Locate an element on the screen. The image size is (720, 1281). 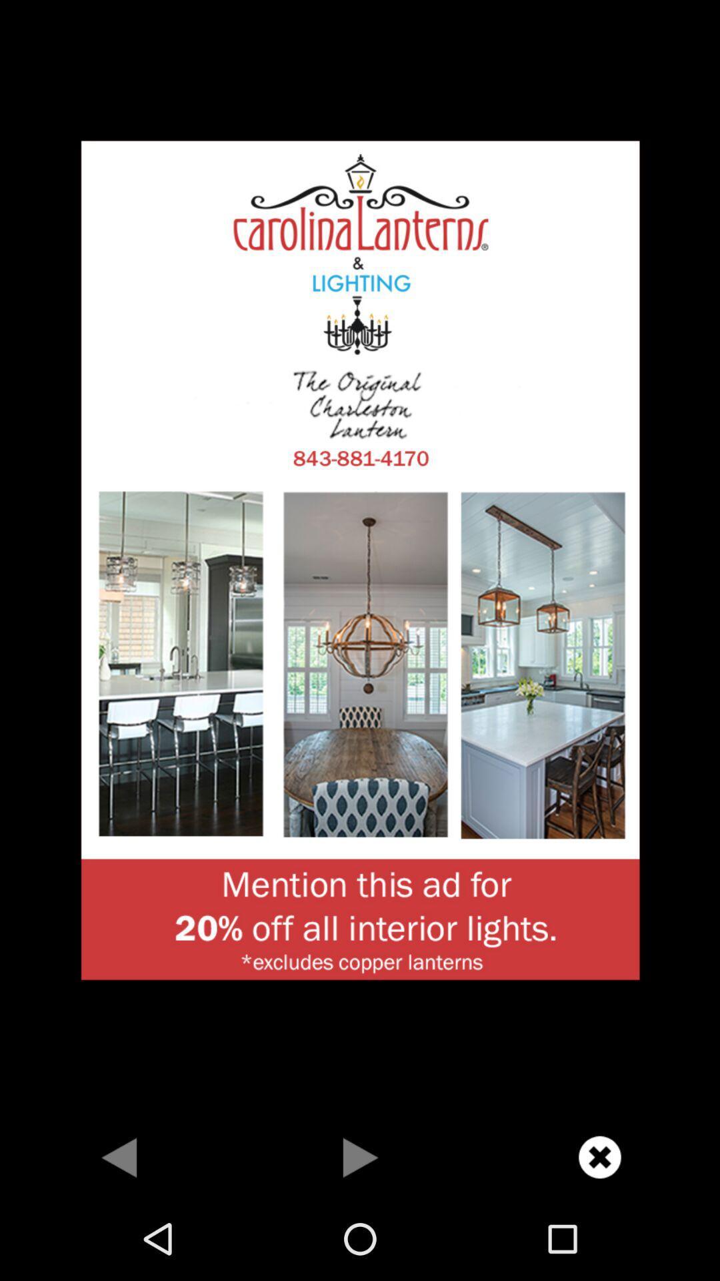
go back is located at coordinates (120, 1156).